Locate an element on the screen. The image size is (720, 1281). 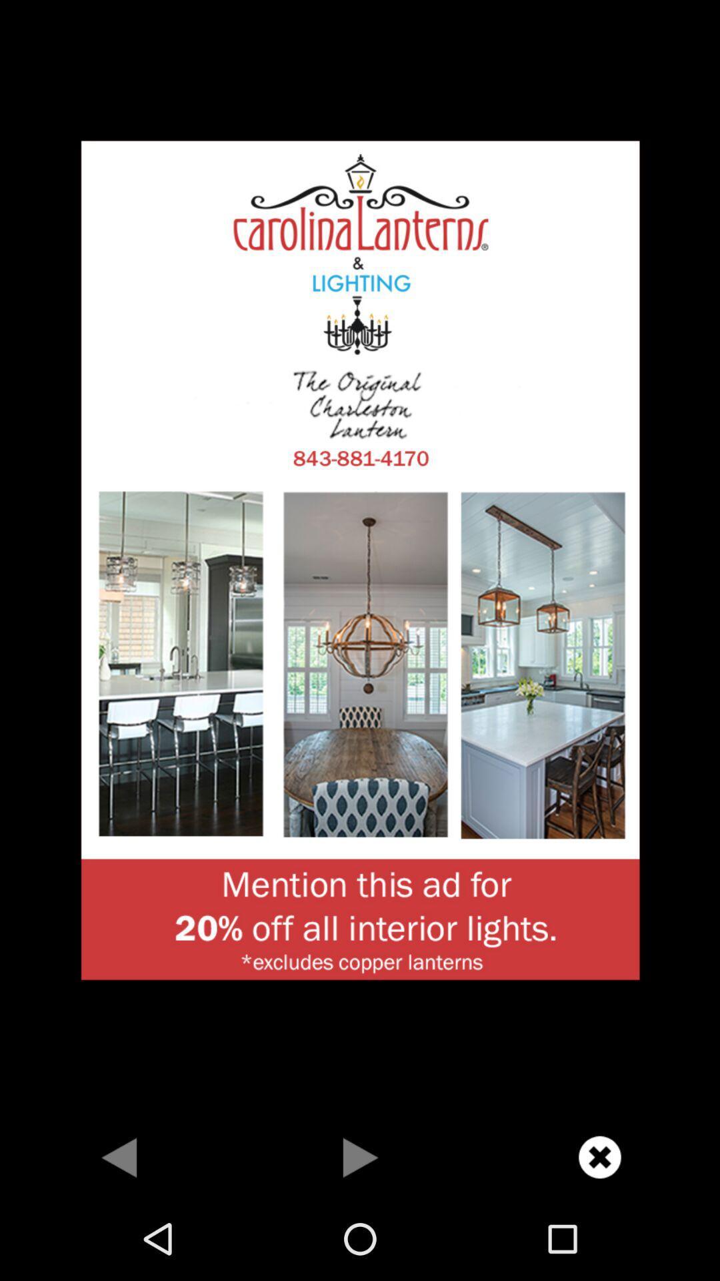
go back is located at coordinates (120, 1156).